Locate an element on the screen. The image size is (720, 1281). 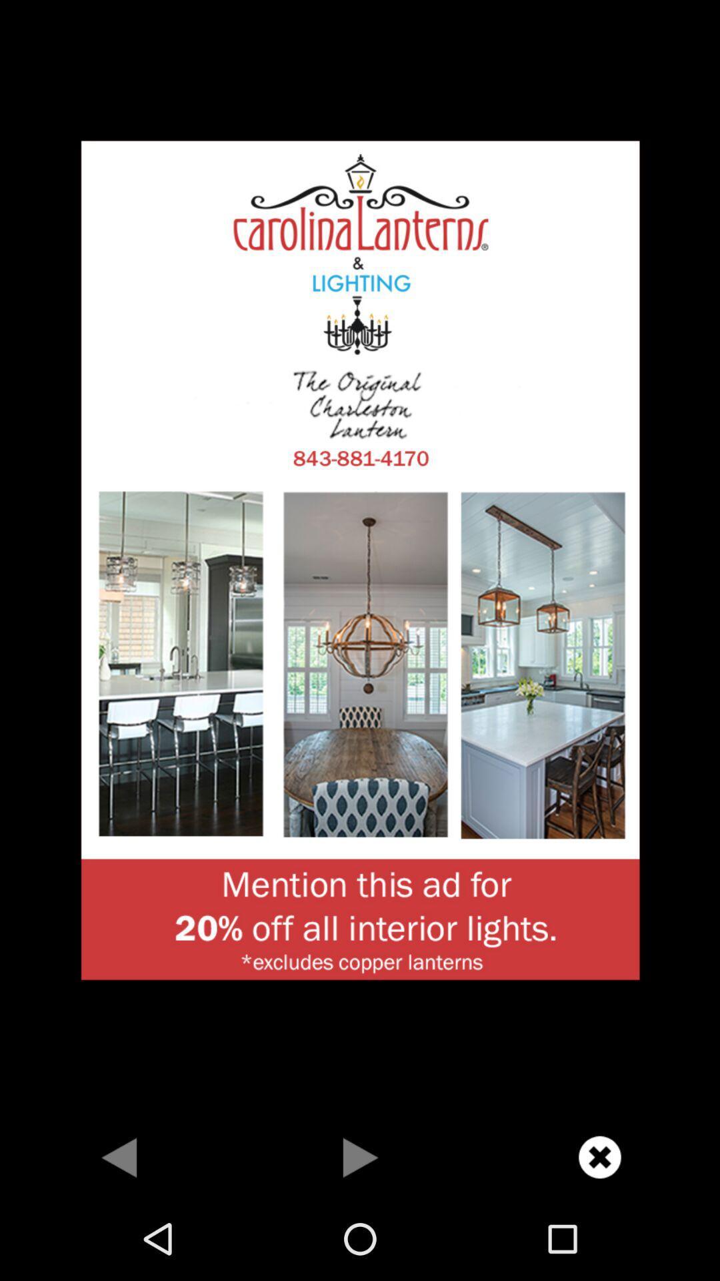
go back is located at coordinates (120, 1156).